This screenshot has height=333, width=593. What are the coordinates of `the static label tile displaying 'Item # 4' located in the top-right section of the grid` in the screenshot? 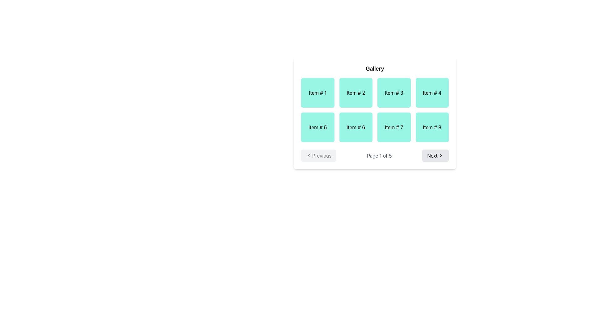 It's located at (432, 92).